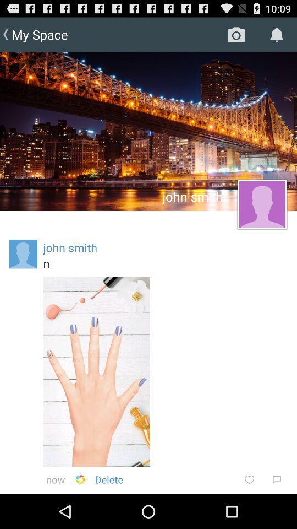  Describe the element at coordinates (23, 254) in the screenshot. I see `the app next to john smith icon` at that location.